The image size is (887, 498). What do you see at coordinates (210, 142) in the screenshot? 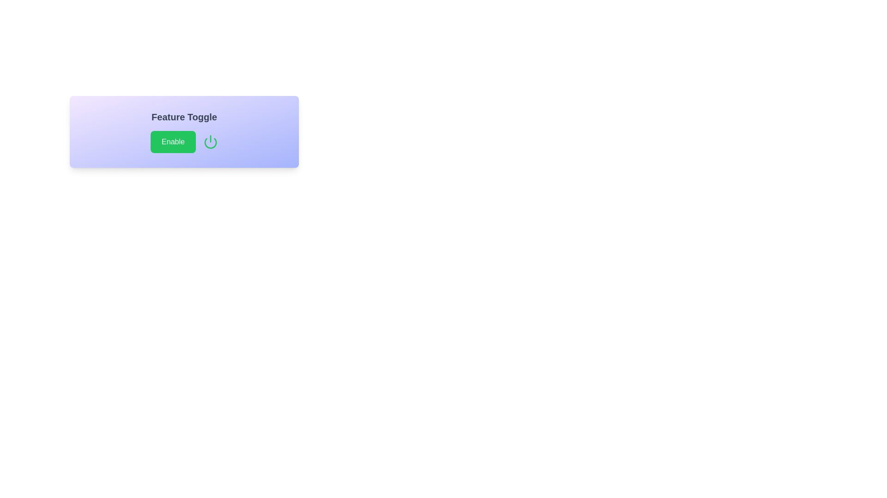
I see `the power icon to toggle its state` at bounding box center [210, 142].